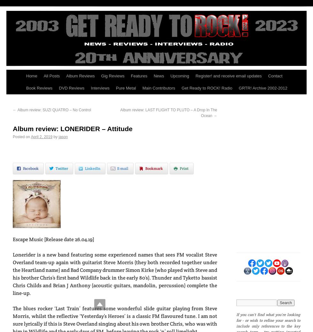 This screenshot has width=313, height=332. What do you see at coordinates (154, 168) in the screenshot?
I see `'Bookmark'` at bounding box center [154, 168].